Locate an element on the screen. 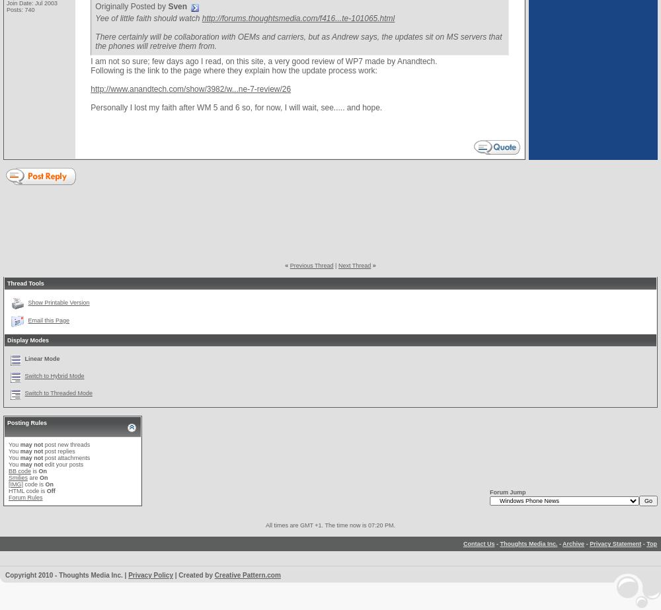  'Contact Us' is located at coordinates (478, 543).